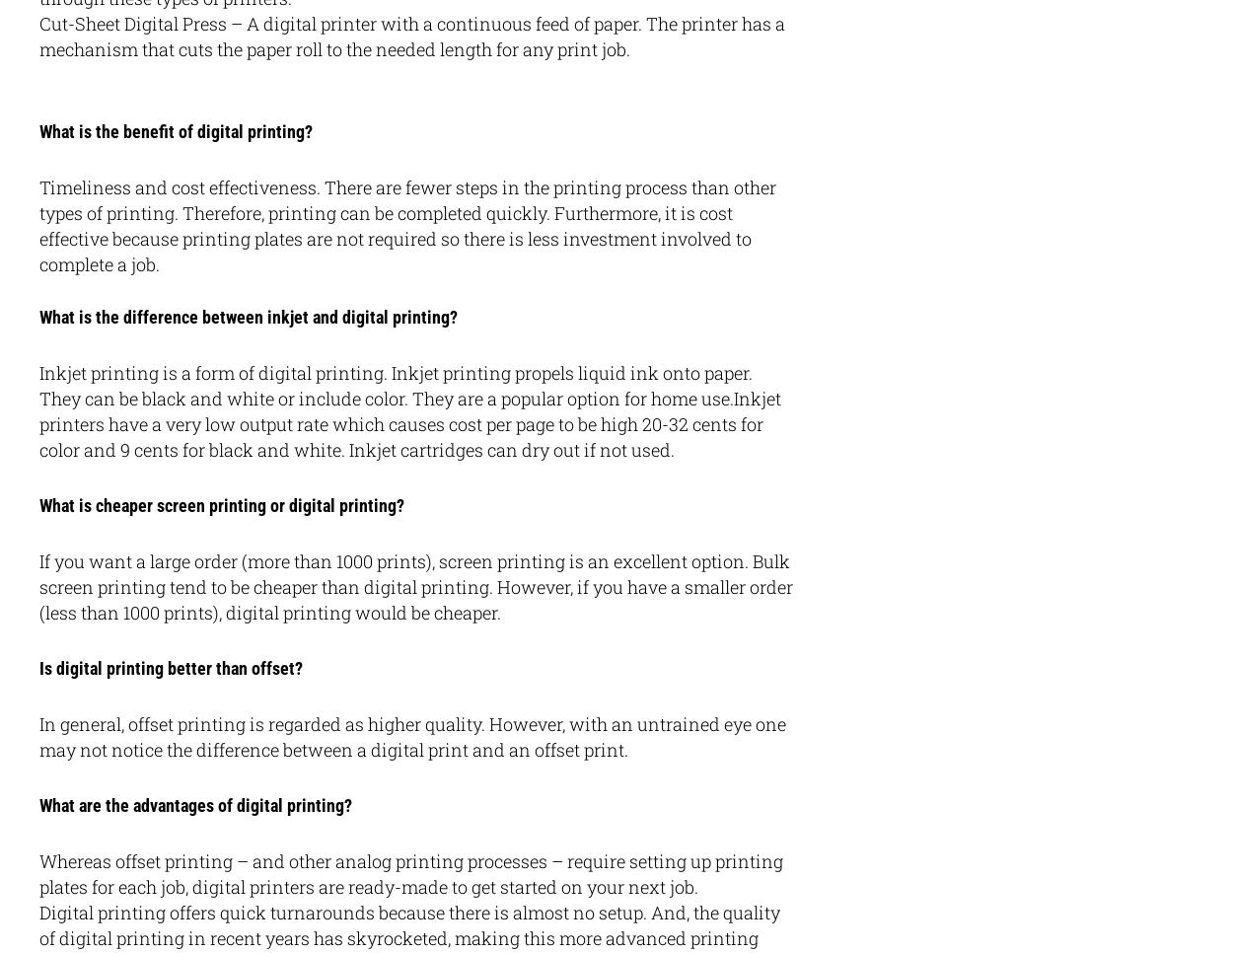 Image resolution: width=1233 pixels, height=953 pixels. What do you see at coordinates (221, 504) in the screenshot?
I see `'What is cheaper screen printing or digital printing?'` at bounding box center [221, 504].